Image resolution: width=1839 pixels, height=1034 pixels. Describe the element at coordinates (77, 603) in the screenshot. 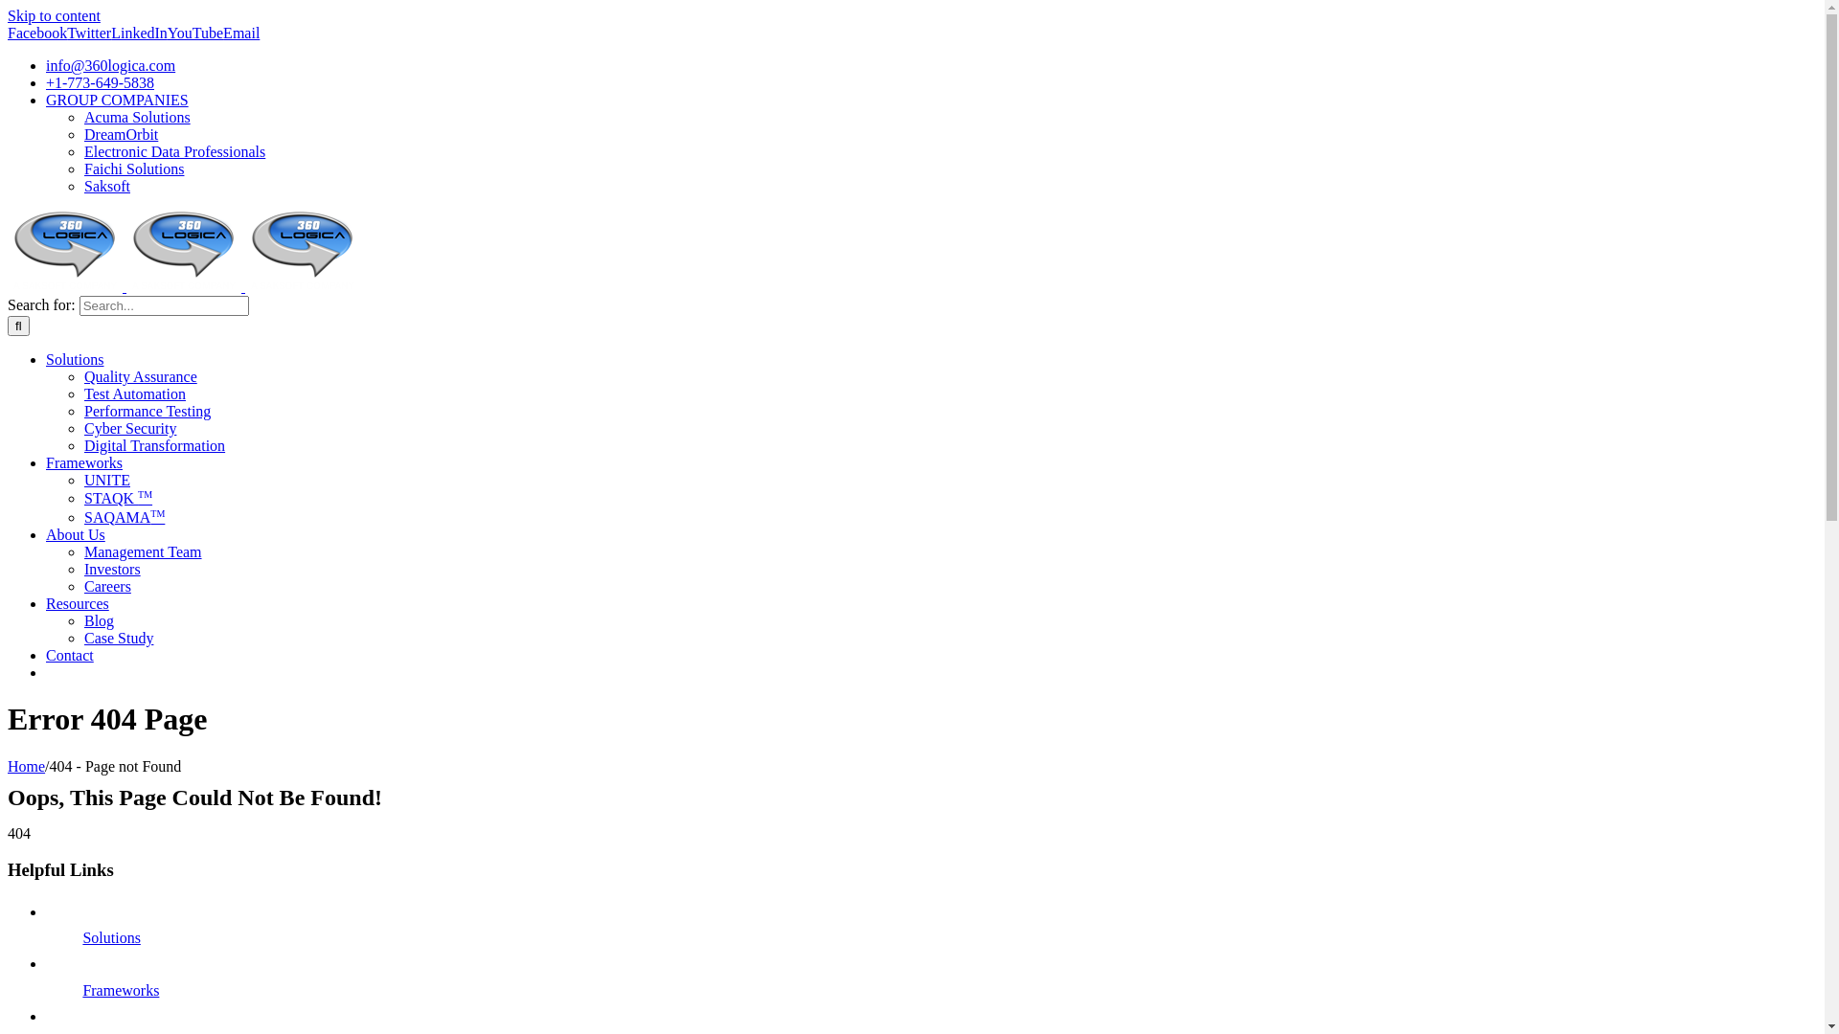

I see `'Resources'` at that location.